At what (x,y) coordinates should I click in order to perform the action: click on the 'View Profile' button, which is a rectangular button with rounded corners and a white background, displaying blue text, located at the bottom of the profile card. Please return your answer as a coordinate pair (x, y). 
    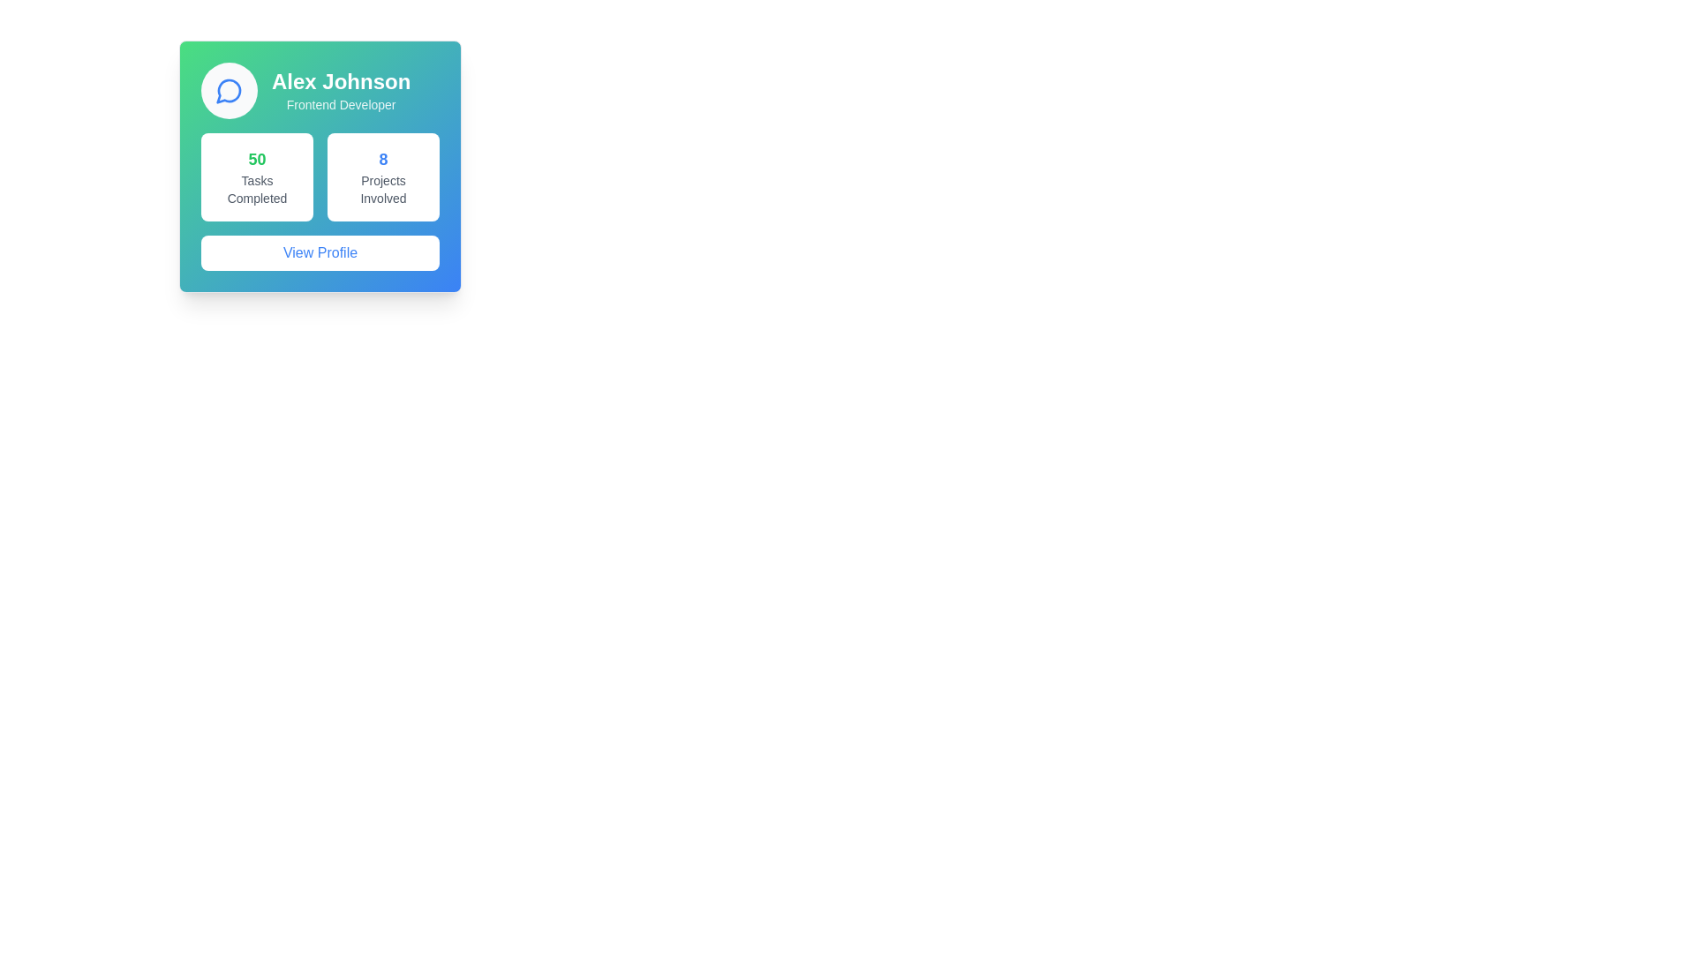
    Looking at the image, I should click on (320, 252).